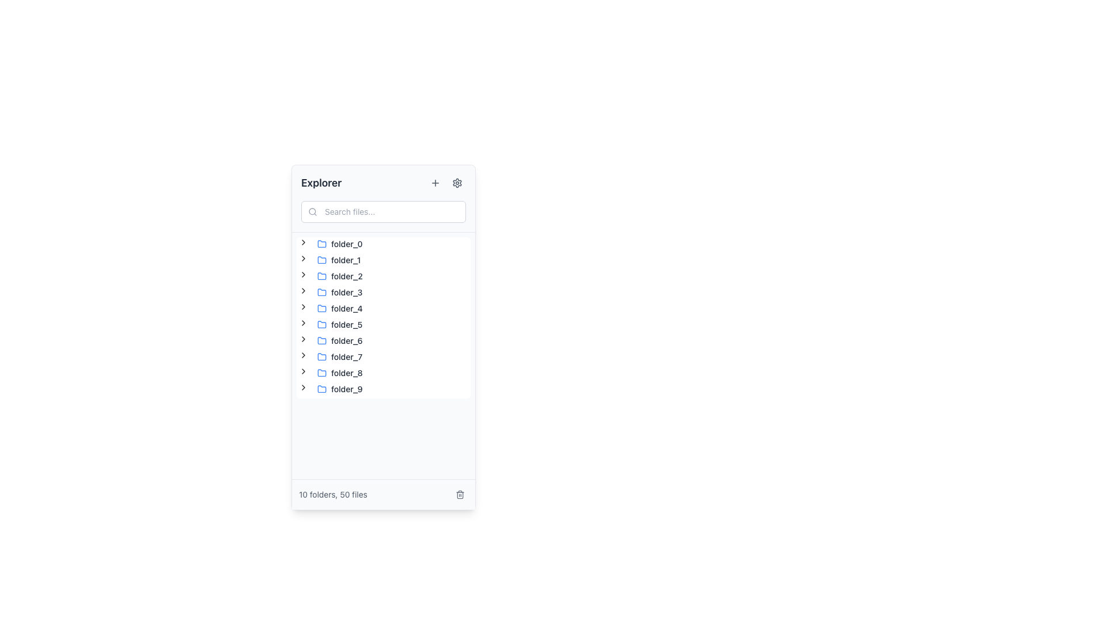 This screenshot has height=622, width=1106. Describe the element at coordinates (304, 244) in the screenshot. I see `the expand/collapse button for the folder associated with 'folder_0'` at that location.